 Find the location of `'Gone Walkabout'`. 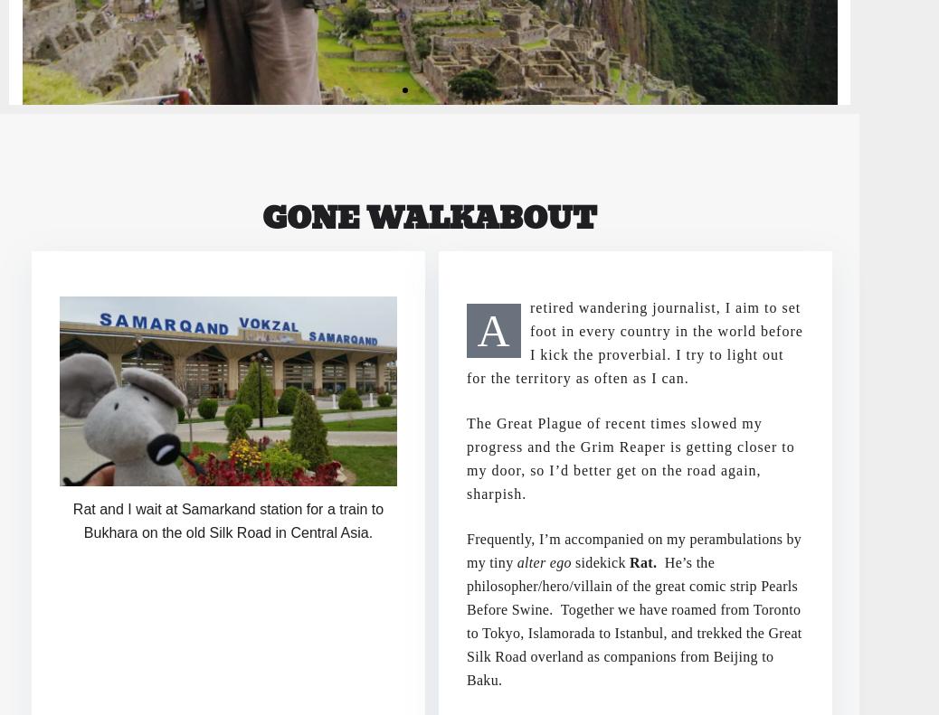

'Gone Walkabout' is located at coordinates (429, 216).